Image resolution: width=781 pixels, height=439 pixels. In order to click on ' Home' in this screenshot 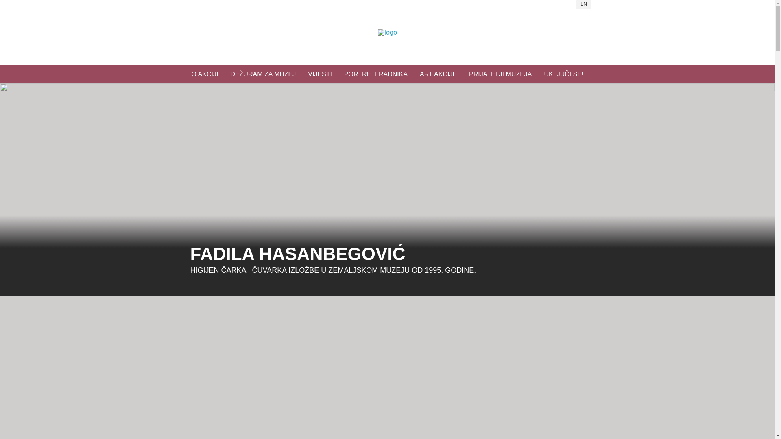, I will do `click(387, 32)`.